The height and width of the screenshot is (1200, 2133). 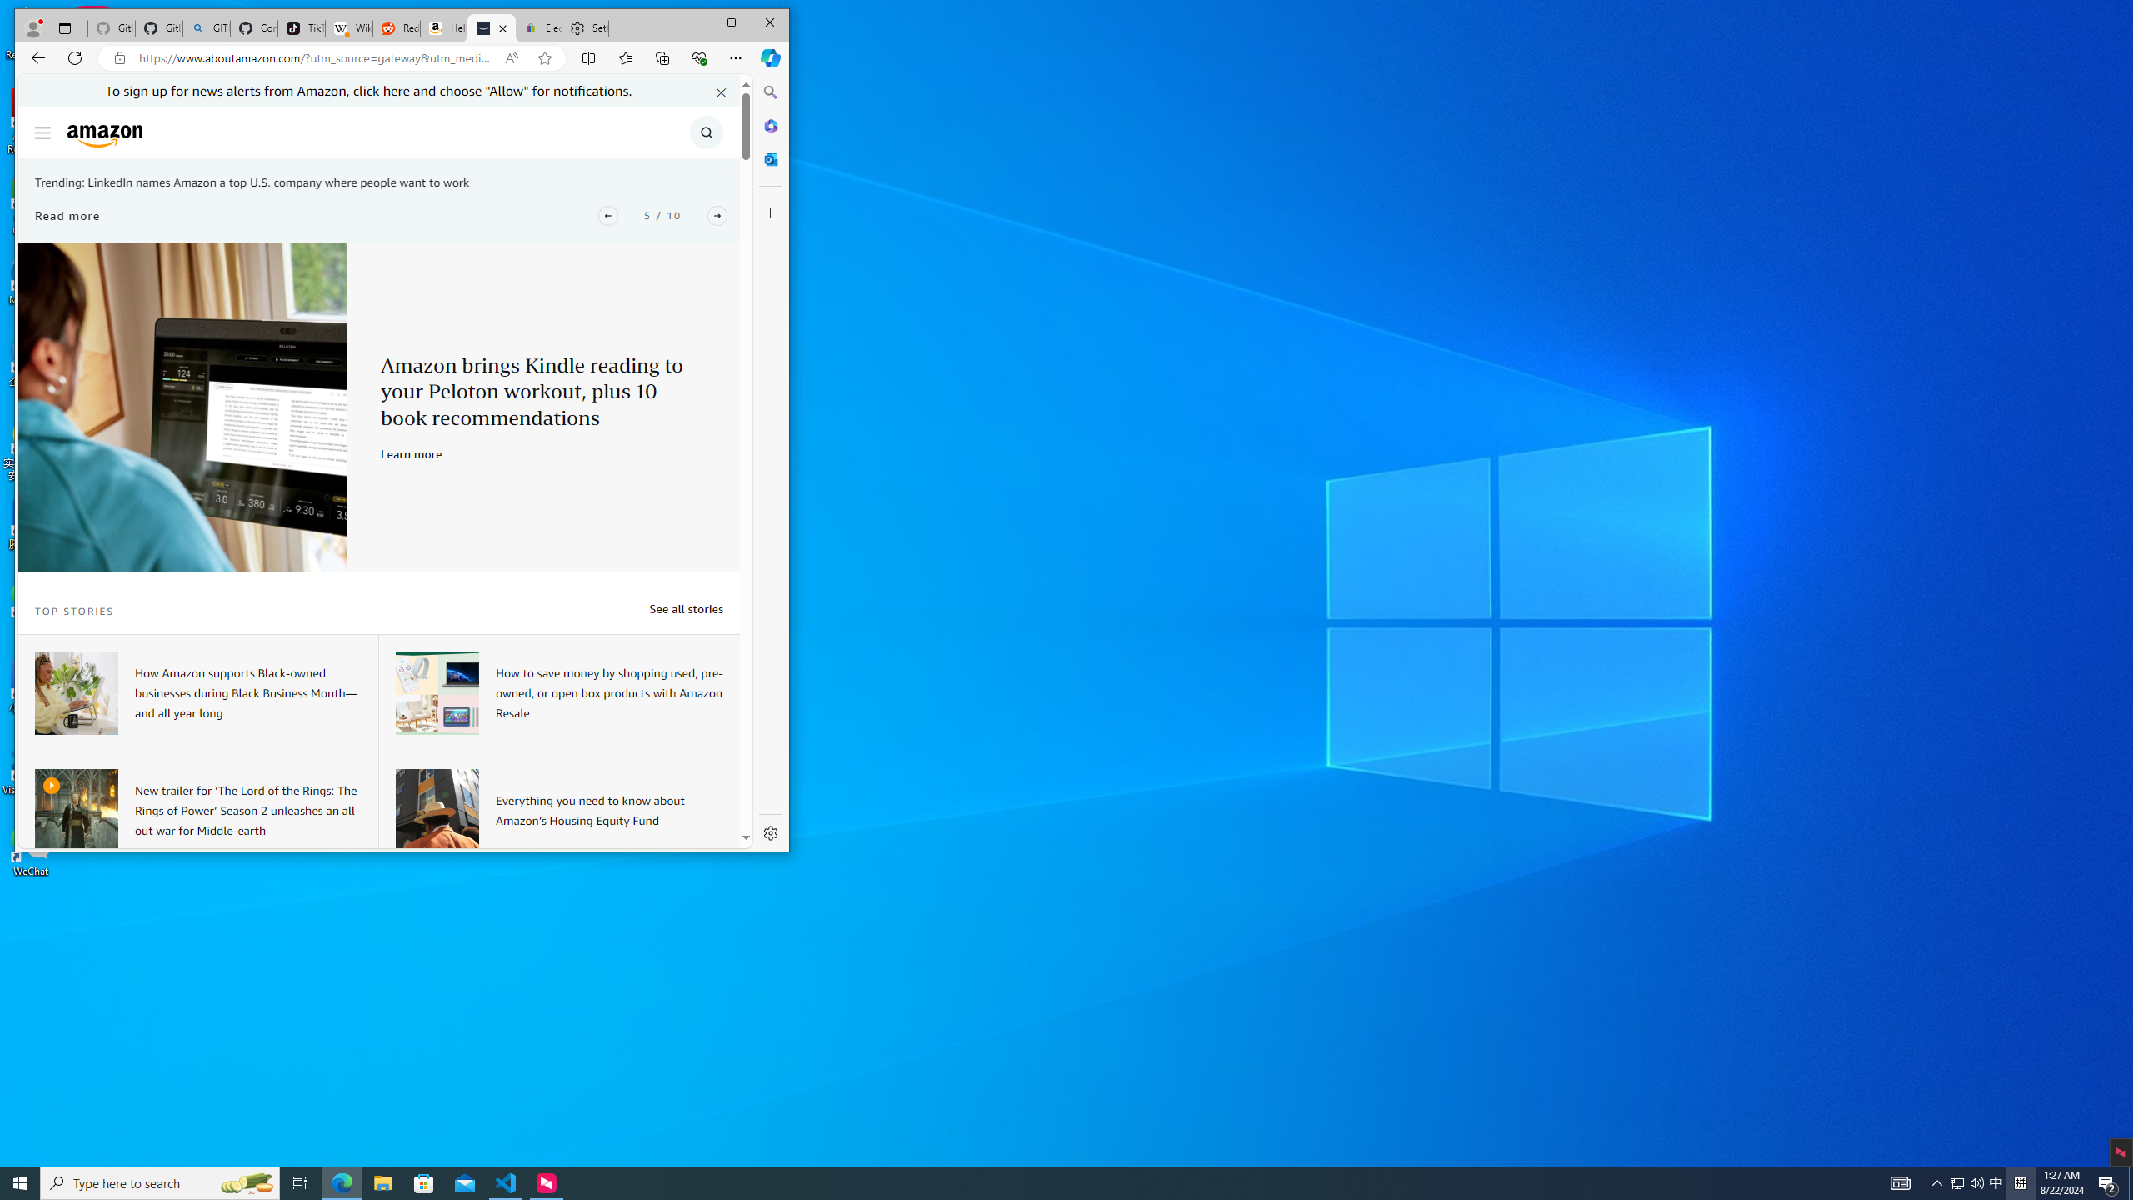 I want to click on 'Maximize', so click(x=731, y=22).